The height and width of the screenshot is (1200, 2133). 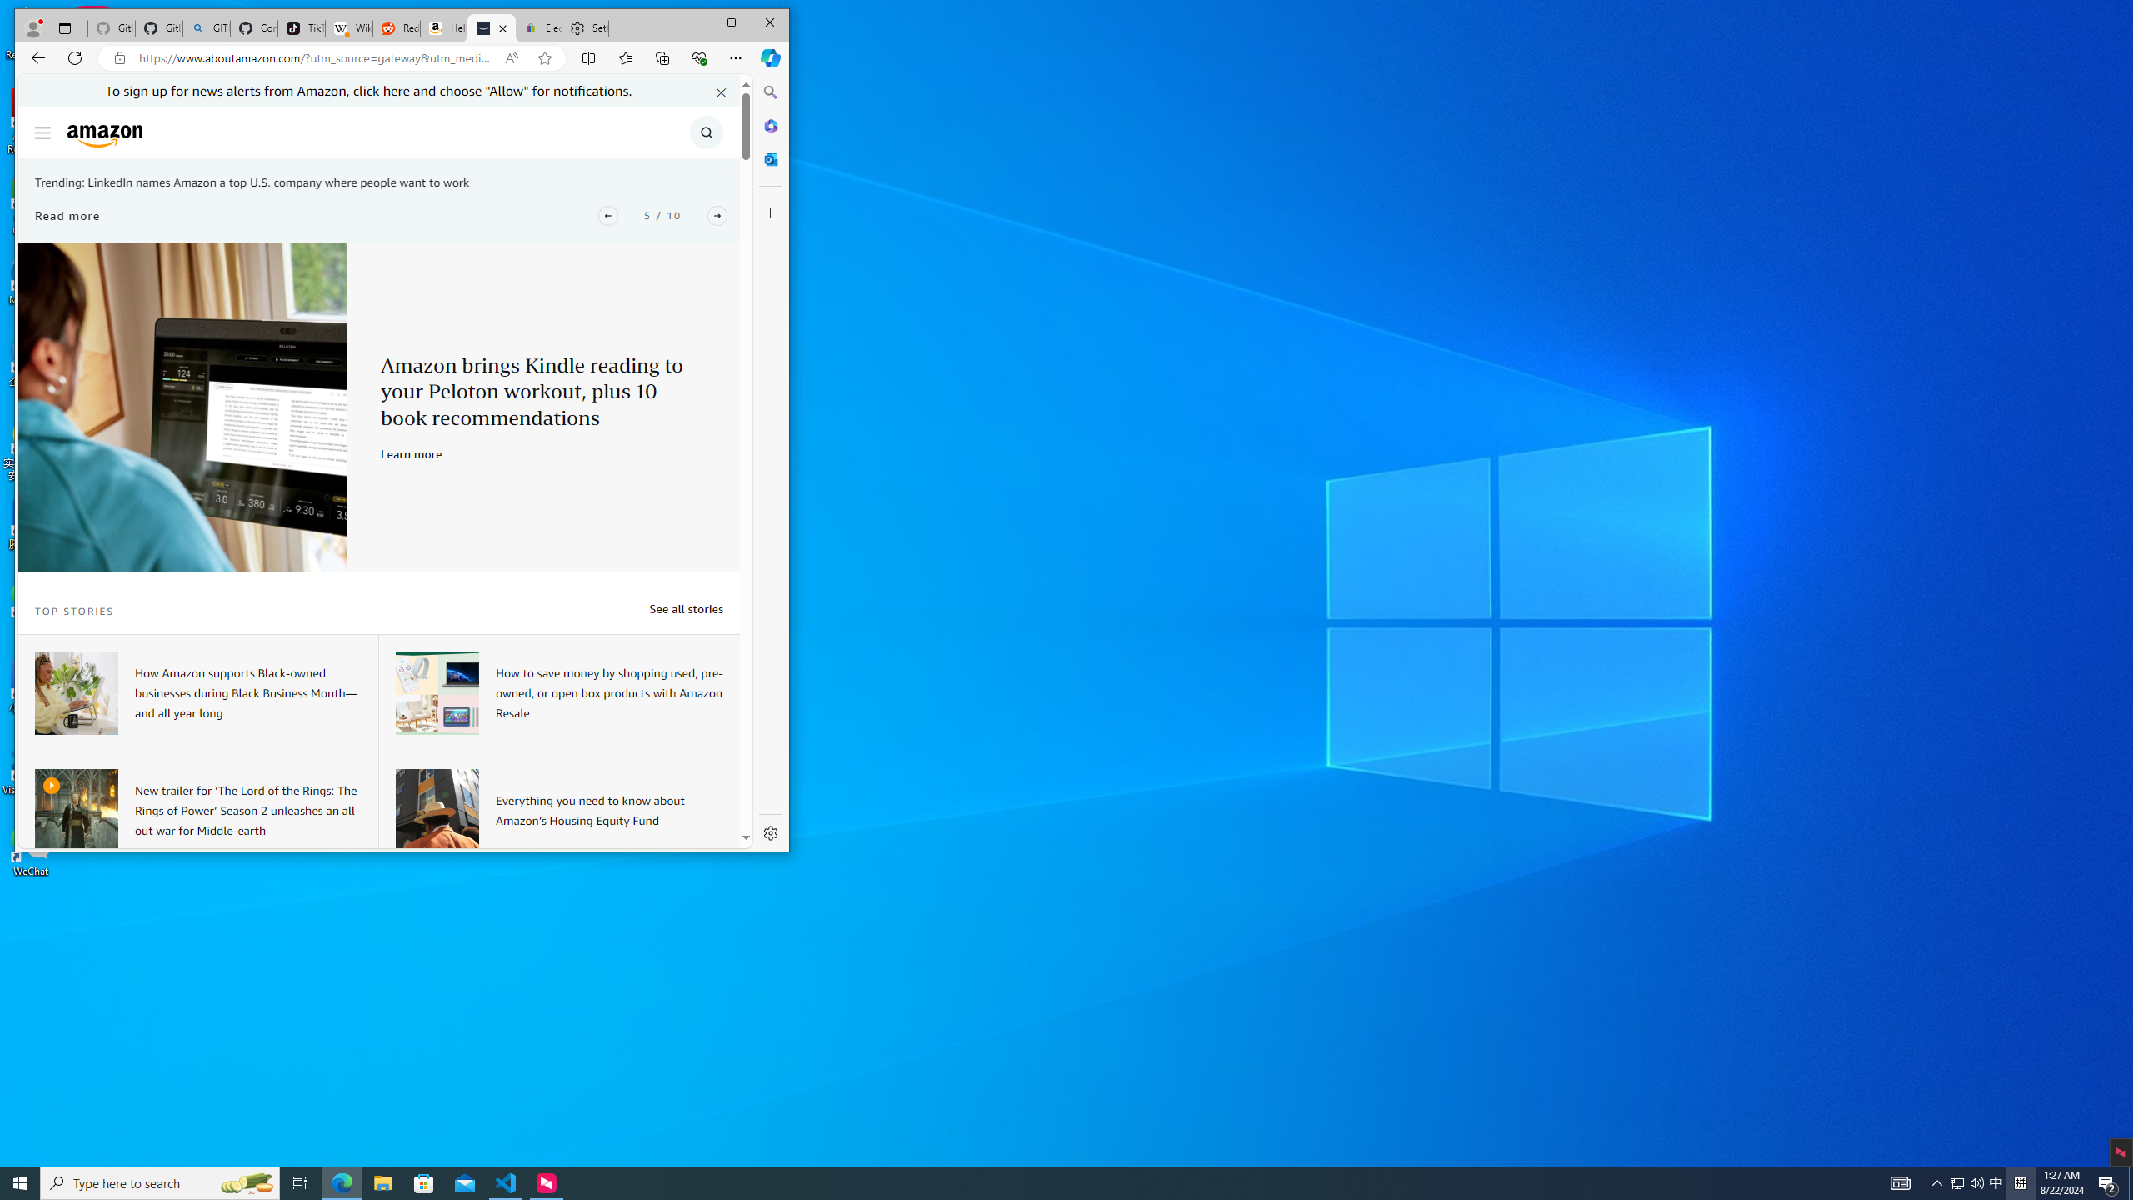 I want to click on 'Maximize', so click(x=731, y=22).